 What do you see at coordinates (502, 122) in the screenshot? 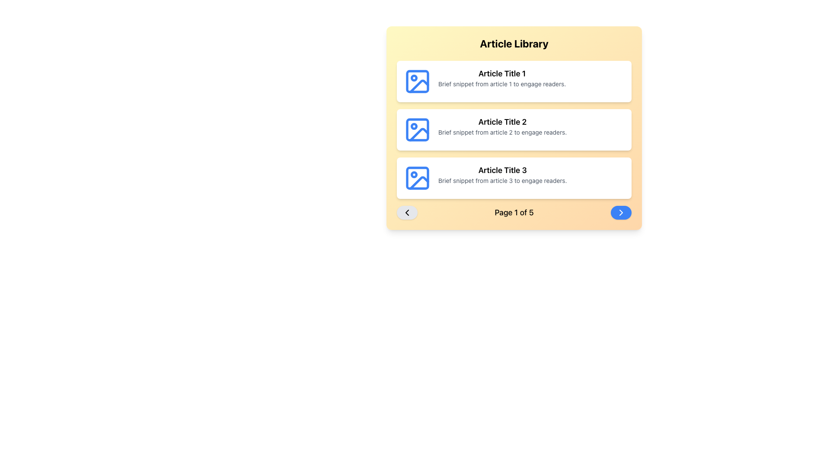
I see `the Text Label that serves as the title of an article entry, positioned between 'Article Title 1' and 'Article Title 3'` at bounding box center [502, 122].